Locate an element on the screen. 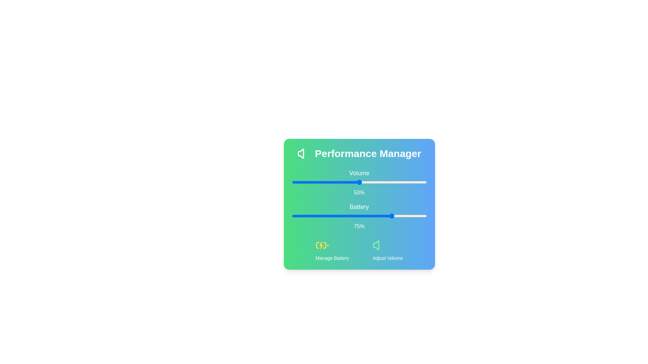 Image resolution: width=648 pixels, height=364 pixels. the 'Performance Manager' heading to read its content is located at coordinates (359, 153).